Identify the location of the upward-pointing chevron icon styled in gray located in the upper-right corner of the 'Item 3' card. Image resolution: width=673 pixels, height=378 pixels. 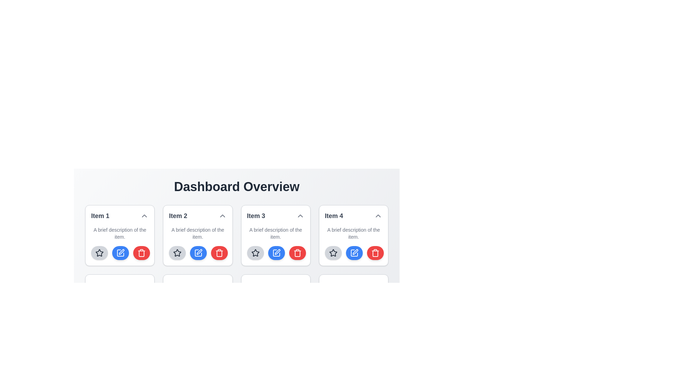
(300, 216).